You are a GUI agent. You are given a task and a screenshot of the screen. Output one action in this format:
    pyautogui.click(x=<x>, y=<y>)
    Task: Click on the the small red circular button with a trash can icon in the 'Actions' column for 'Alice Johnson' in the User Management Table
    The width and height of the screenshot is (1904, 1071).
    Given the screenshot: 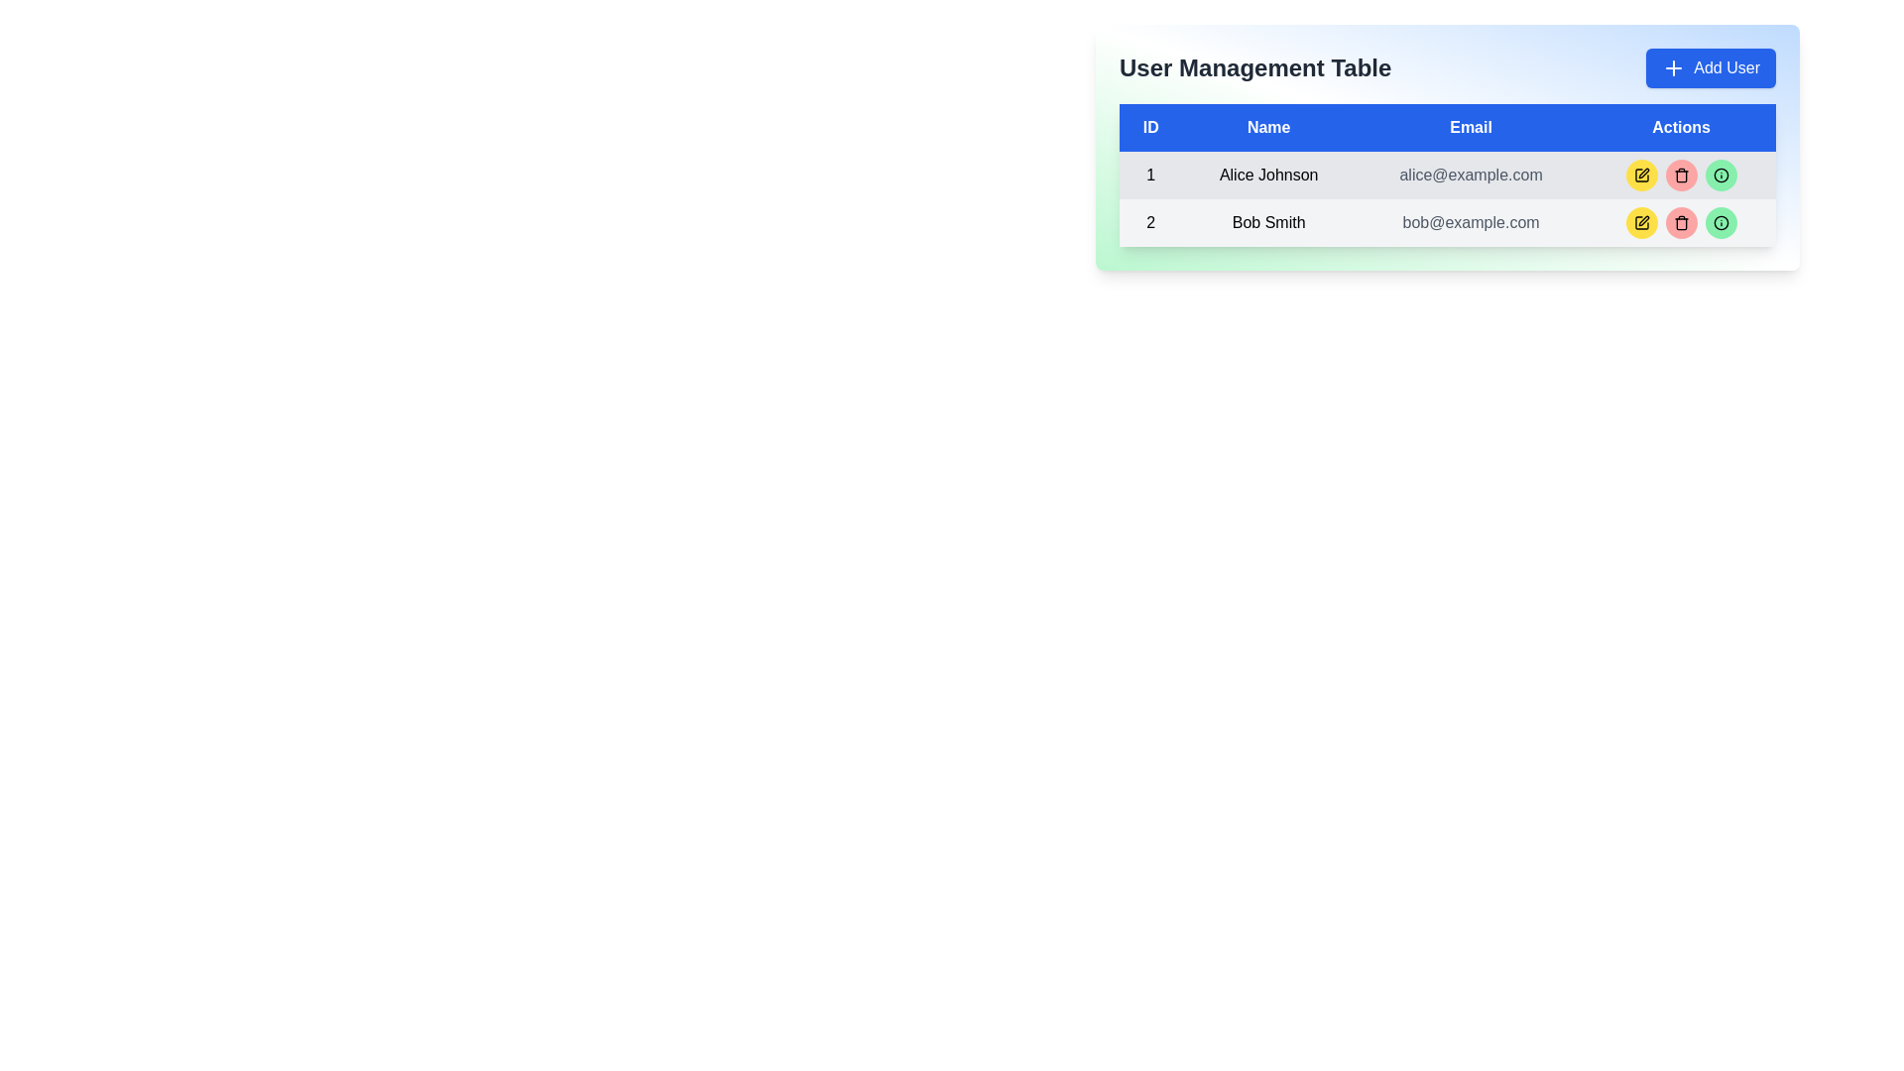 What is the action you would take?
    pyautogui.click(x=1680, y=175)
    